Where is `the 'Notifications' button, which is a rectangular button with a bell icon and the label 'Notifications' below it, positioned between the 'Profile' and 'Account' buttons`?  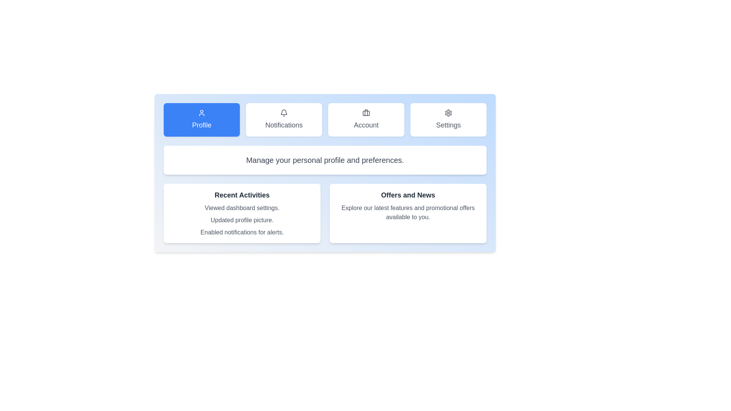 the 'Notifications' button, which is a rectangular button with a bell icon and the label 'Notifications' below it, positioned between the 'Profile' and 'Account' buttons is located at coordinates (283, 120).